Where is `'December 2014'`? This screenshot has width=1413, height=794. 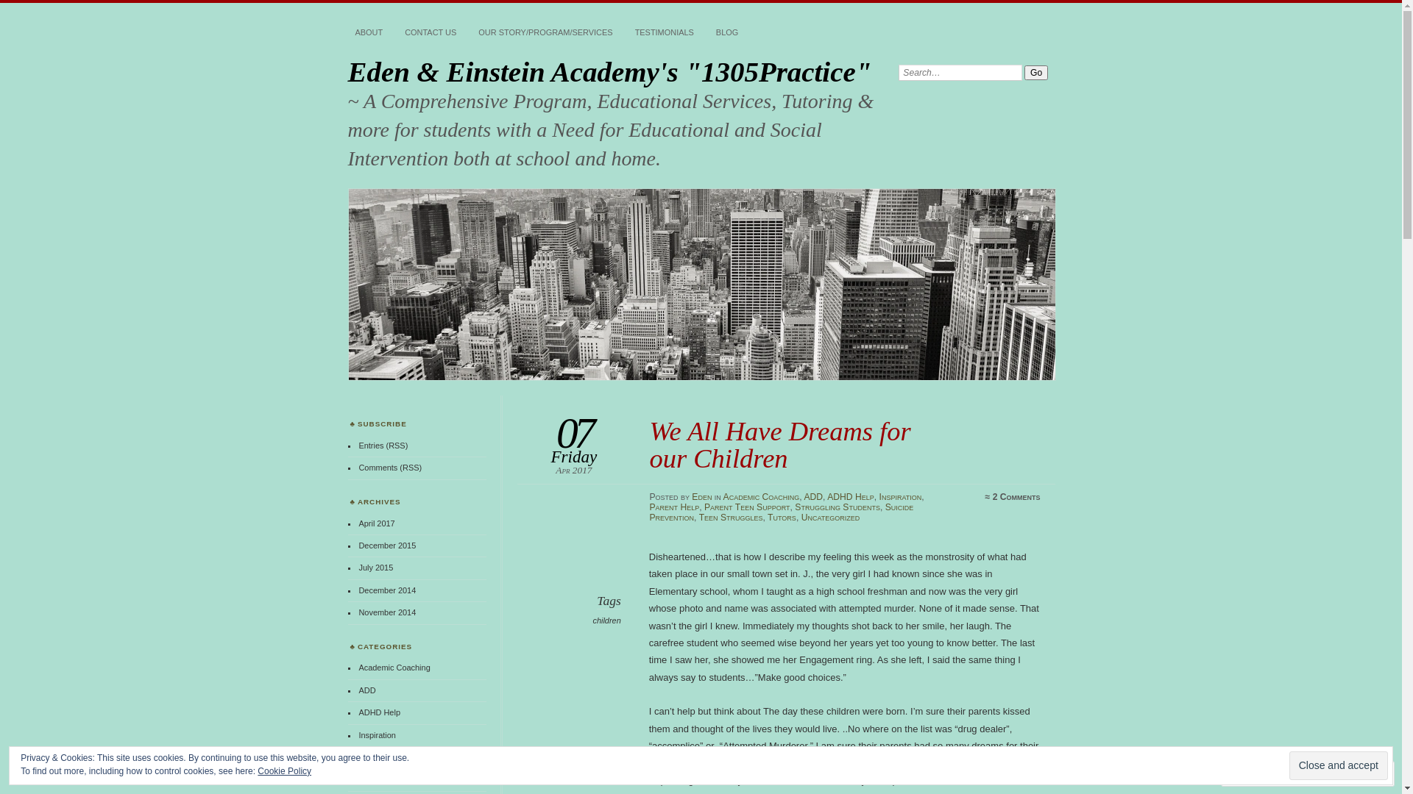 'December 2014' is located at coordinates (387, 589).